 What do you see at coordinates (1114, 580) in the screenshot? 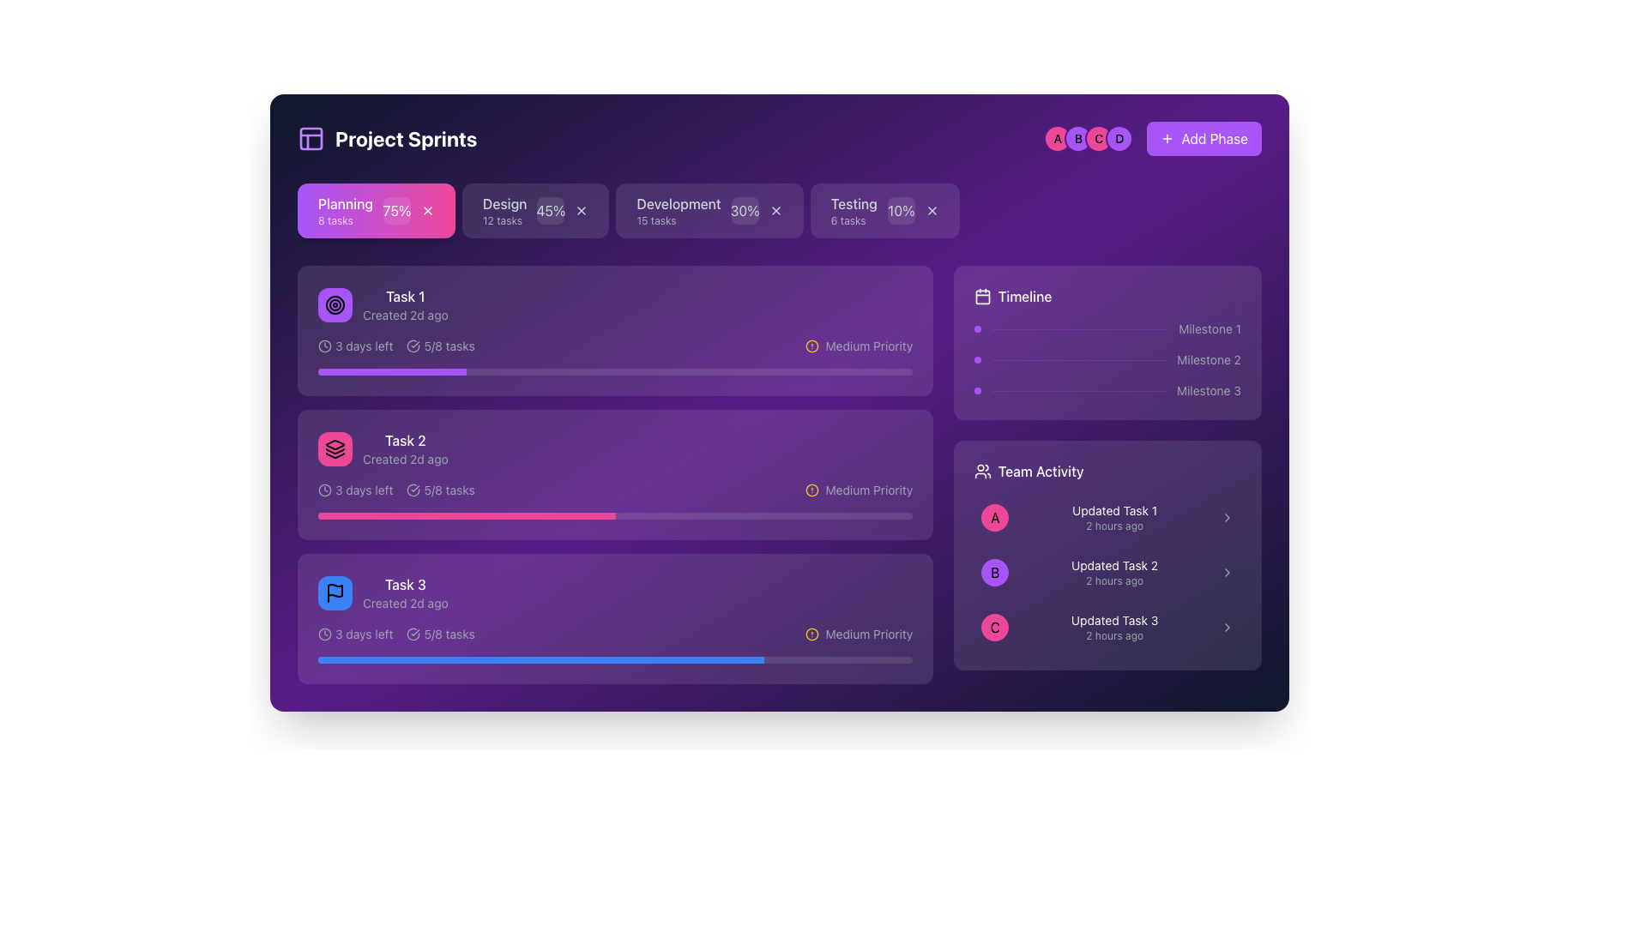
I see `timestamp text label located below the 'Updated Task 2' label in the 'Team Activity' section` at bounding box center [1114, 580].